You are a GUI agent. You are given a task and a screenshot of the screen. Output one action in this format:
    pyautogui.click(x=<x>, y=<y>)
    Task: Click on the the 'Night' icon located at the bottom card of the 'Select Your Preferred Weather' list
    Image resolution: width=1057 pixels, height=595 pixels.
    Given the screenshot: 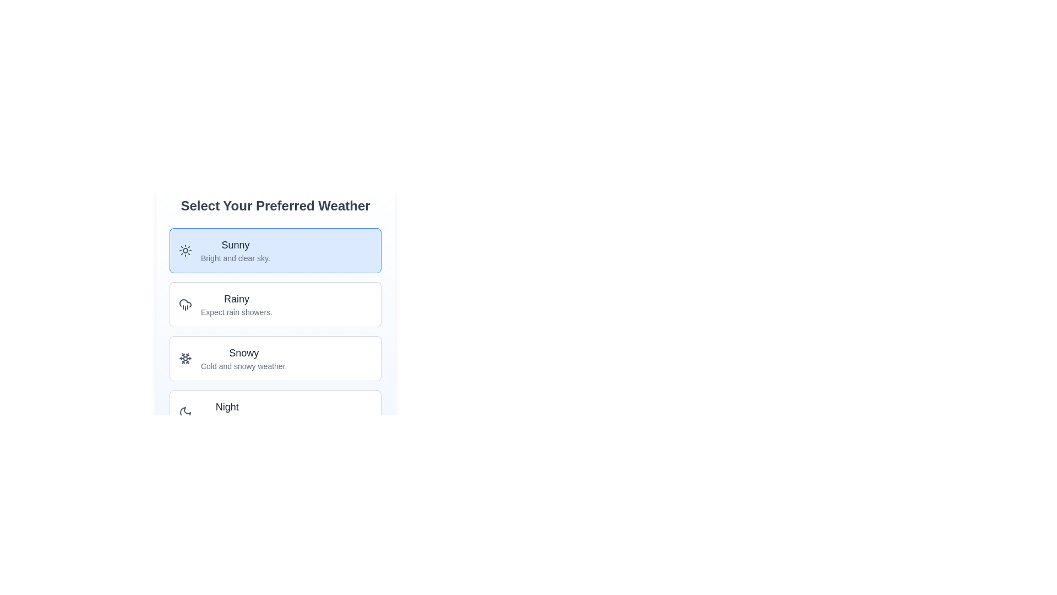 What is the action you would take?
    pyautogui.click(x=185, y=412)
    